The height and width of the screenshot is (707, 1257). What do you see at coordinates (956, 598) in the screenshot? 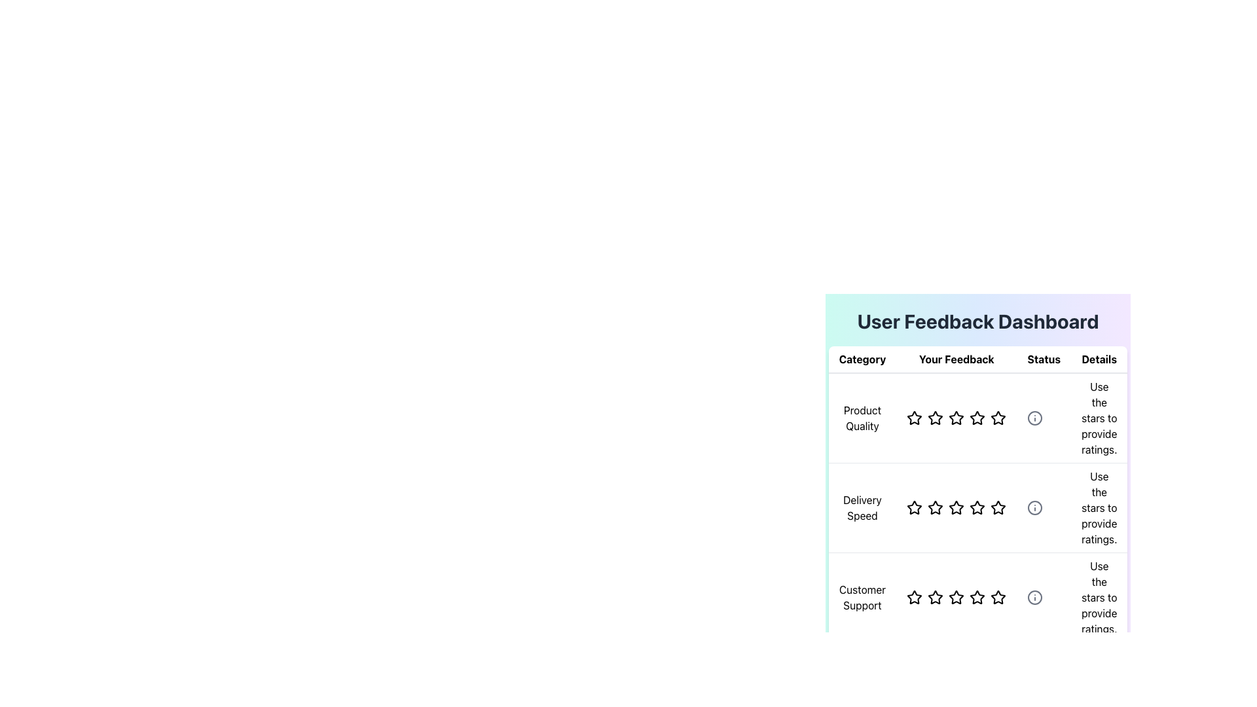
I see `the third star icon in the 'Customer Support' row under the 'Your Feedback' section to set a rating` at bounding box center [956, 598].